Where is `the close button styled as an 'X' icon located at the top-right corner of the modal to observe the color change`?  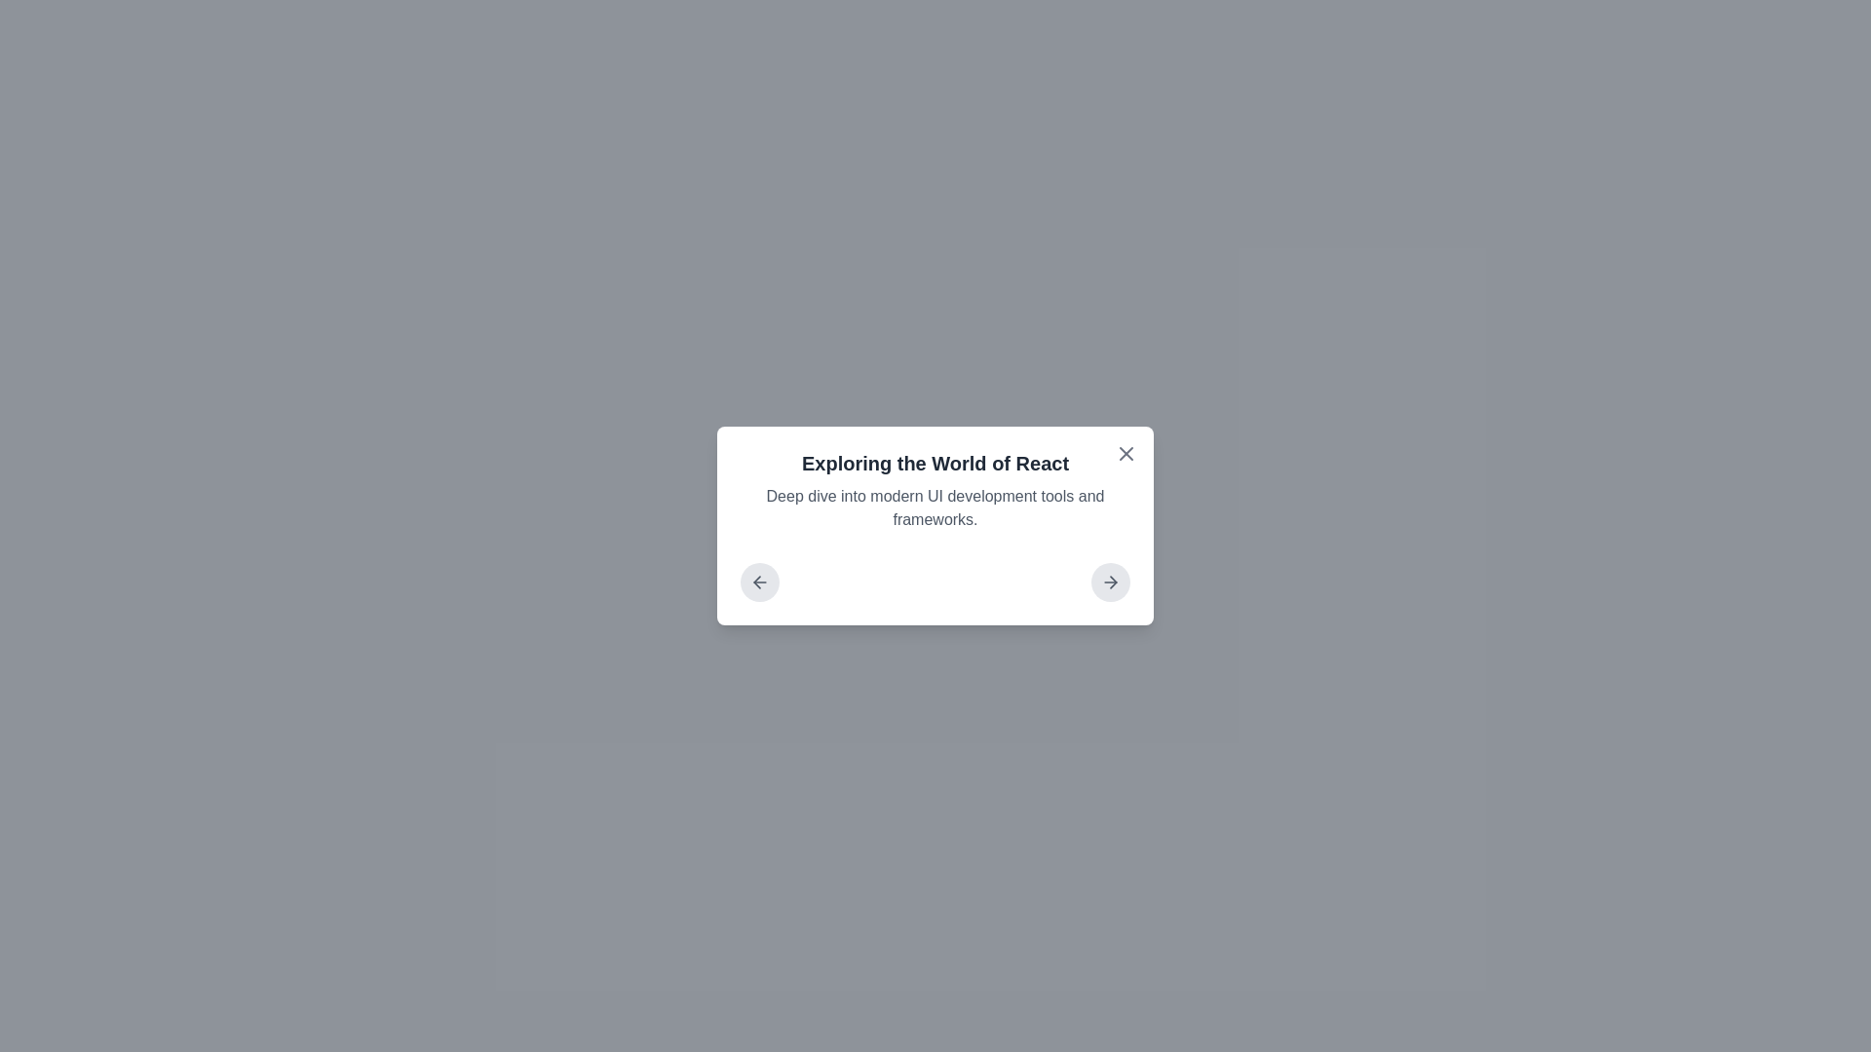 the close button styled as an 'X' icon located at the top-right corner of the modal to observe the color change is located at coordinates (1126, 454).